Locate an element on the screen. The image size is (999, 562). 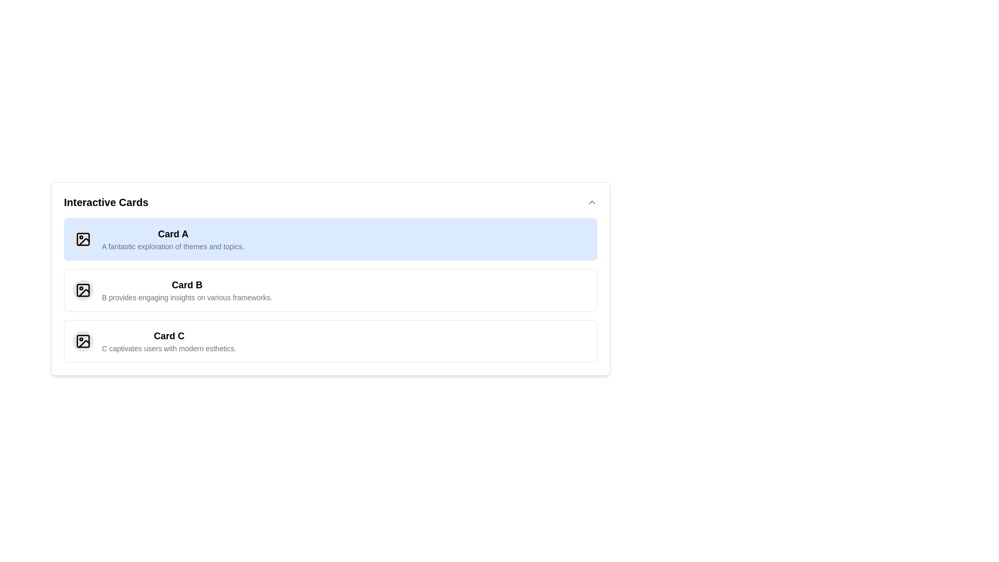
the primary textual content of the first card in a vertically stacked list for copying is located at coordinates (173, 239).